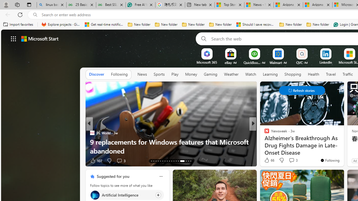  What do you see at coordinates (159, 74) in the screenshot?
I see `'Sports'` at bounding box center [159, 74].